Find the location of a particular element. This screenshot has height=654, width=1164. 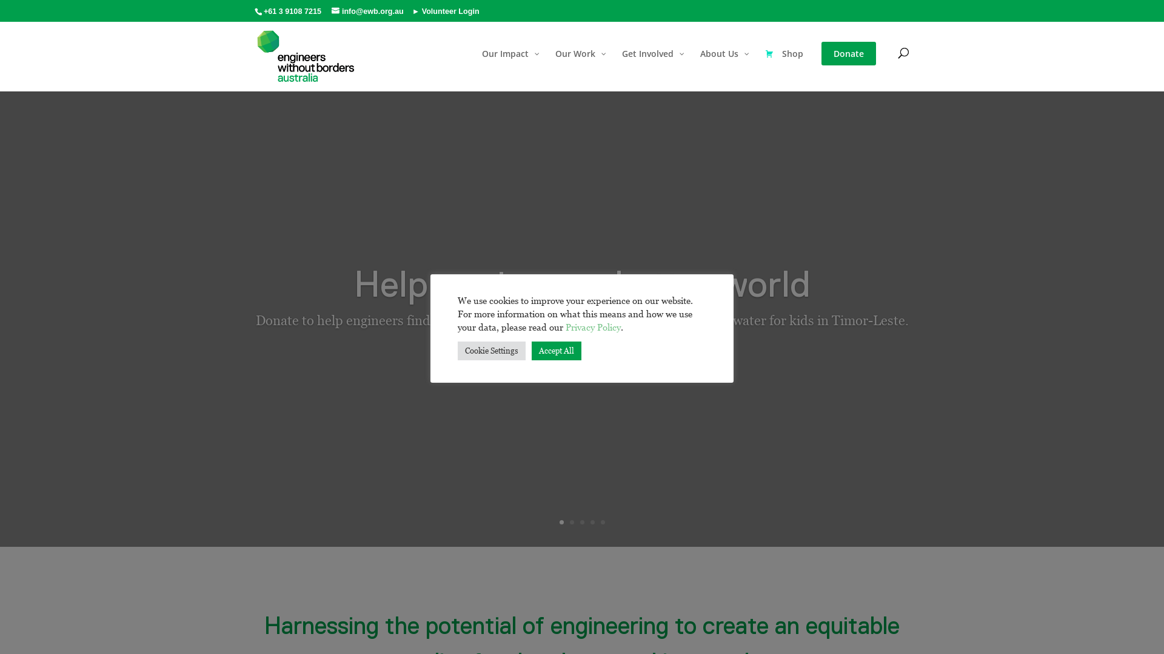

'Accept All' is located at coordinates (555, 351).